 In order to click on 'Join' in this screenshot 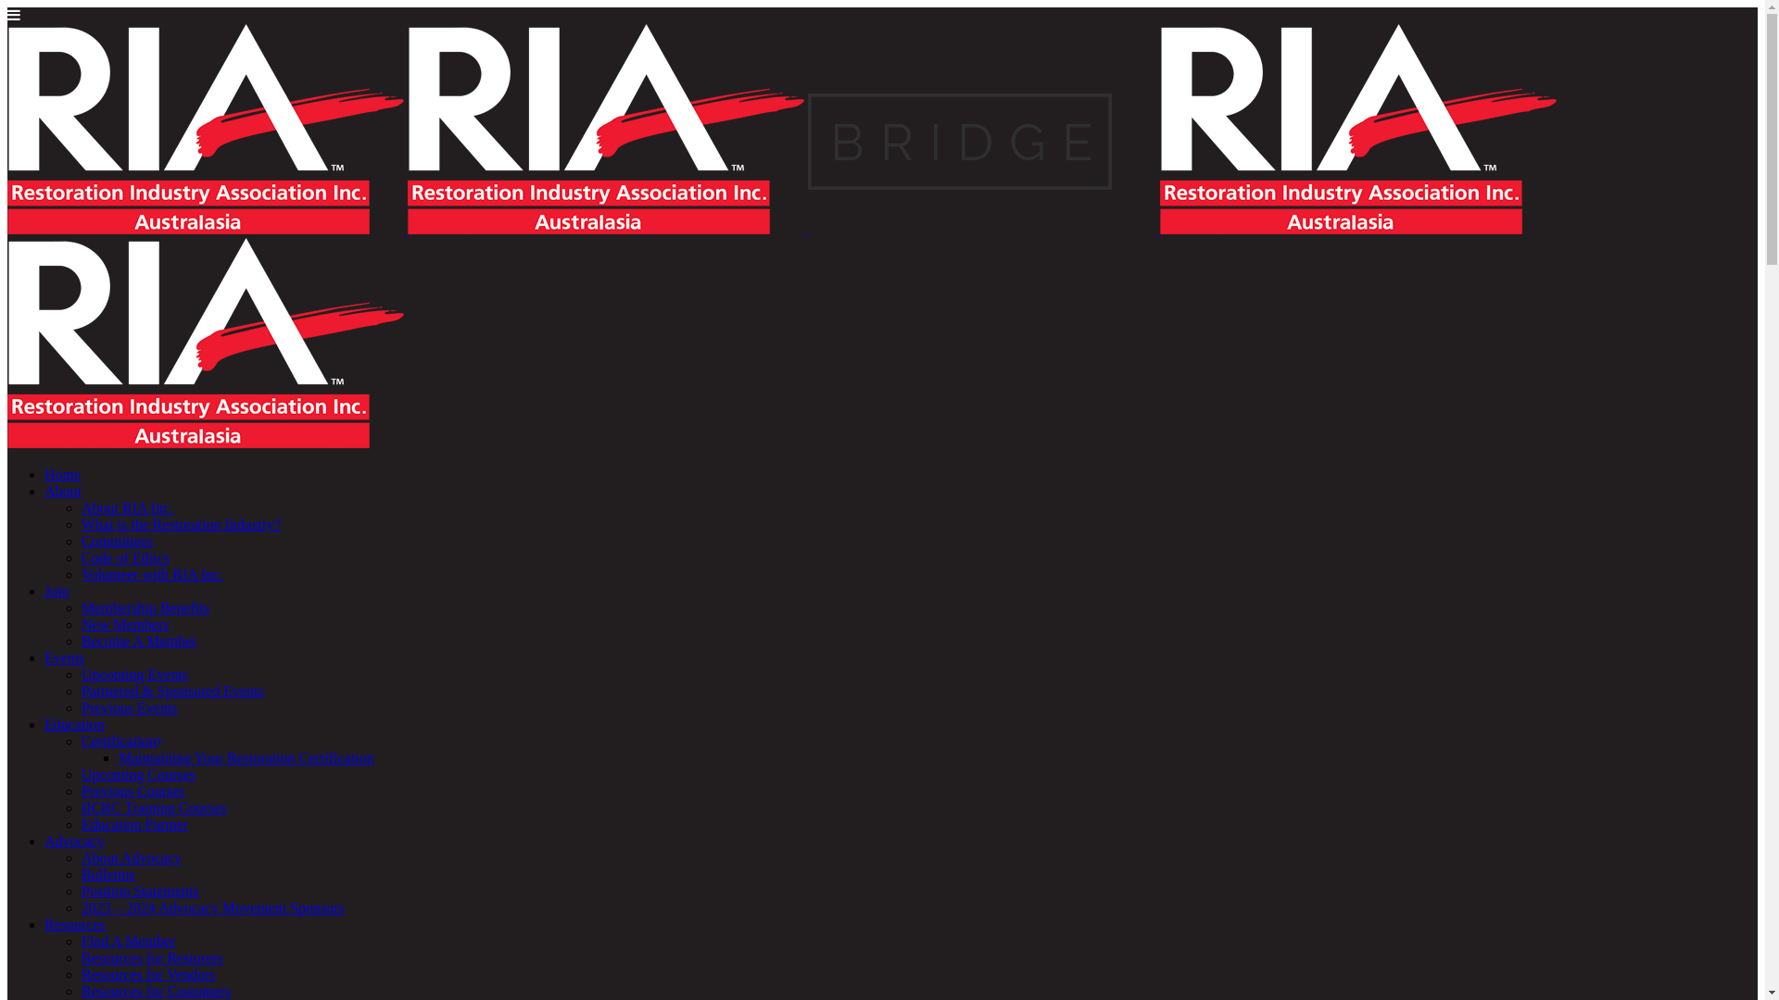, I will do `click(57, 591)`.